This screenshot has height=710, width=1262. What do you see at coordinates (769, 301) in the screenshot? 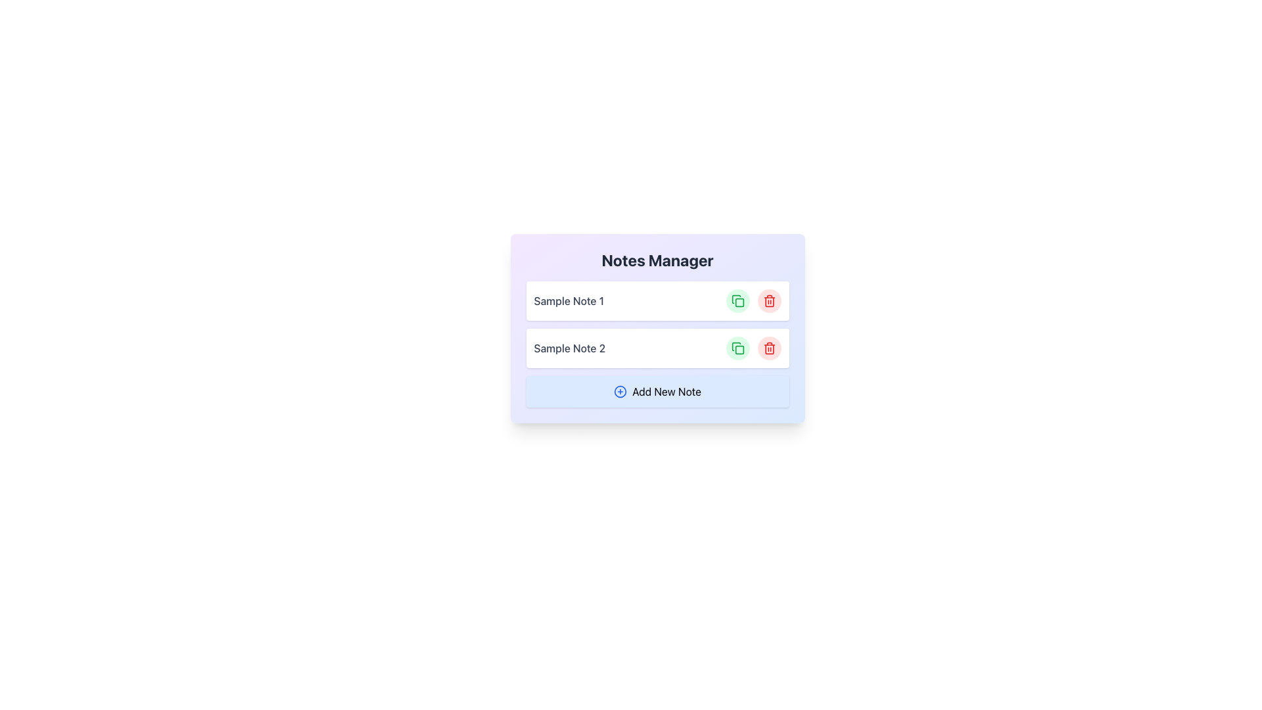
I see `the delete button icon associated with 'Sample Note 1'` at bounding box center [769, 301].